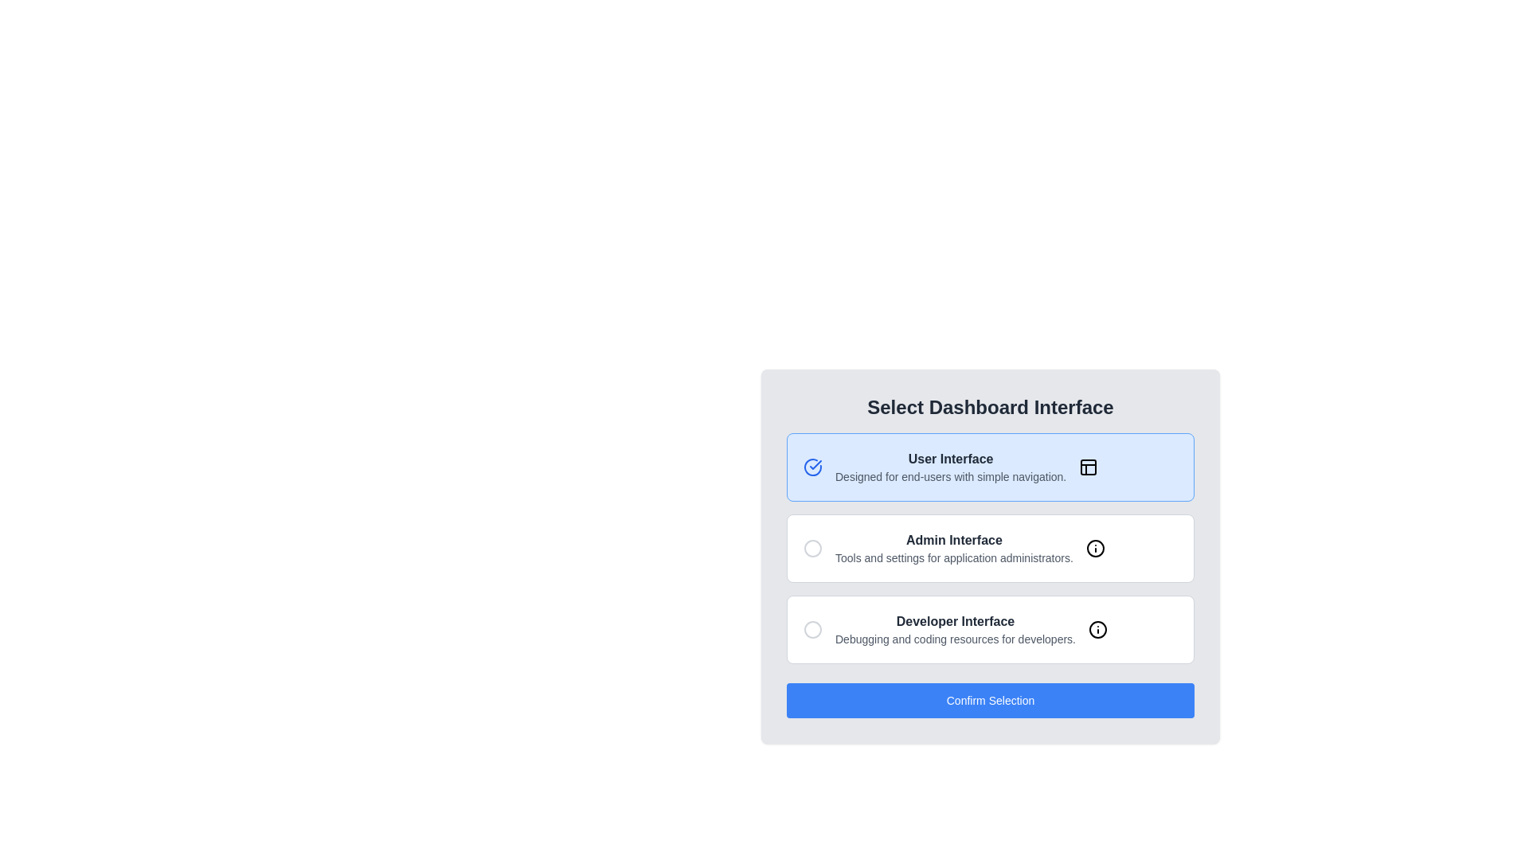 This screenshot has width=1529, height=860. What do you see at coordinates (1097, 628) in the screenshot?
I see `the third info icon in the 'Select Dashboard Interface' section, which visually indicates additional information related to the 'Developer Interface' option` at bounding box center [1097, 628].